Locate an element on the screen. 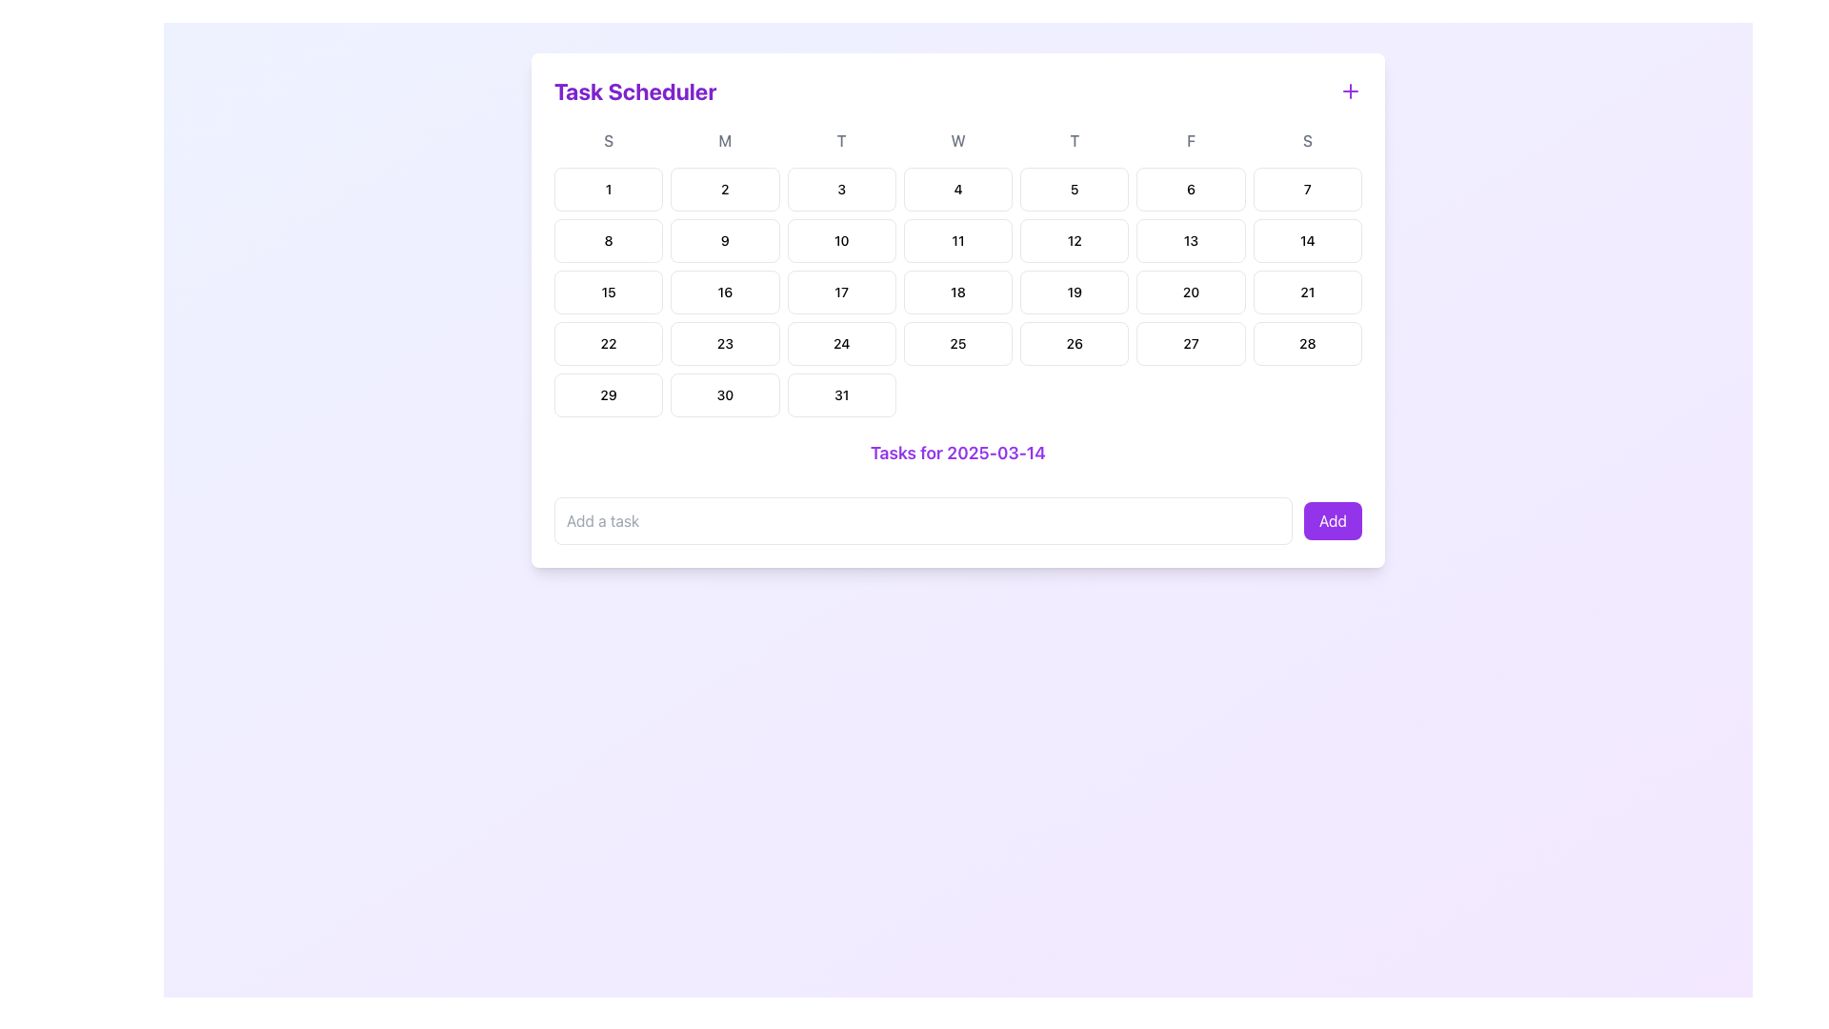  the interactive button displaying the number '23' in the fourth column of the fourth row of the calendar interface is located at coordinates (724, 344).